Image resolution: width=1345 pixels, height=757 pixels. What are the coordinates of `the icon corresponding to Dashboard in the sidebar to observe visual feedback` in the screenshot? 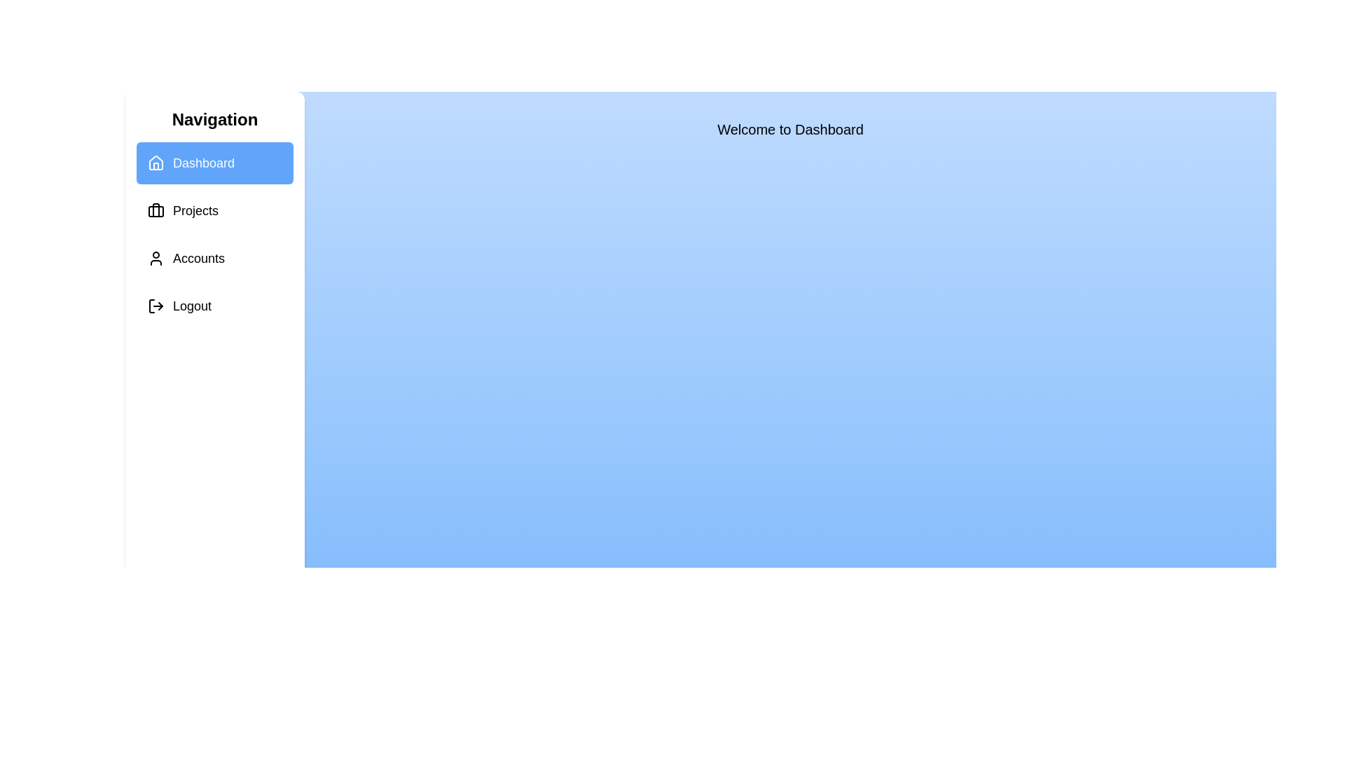 It's located at (156, 162).